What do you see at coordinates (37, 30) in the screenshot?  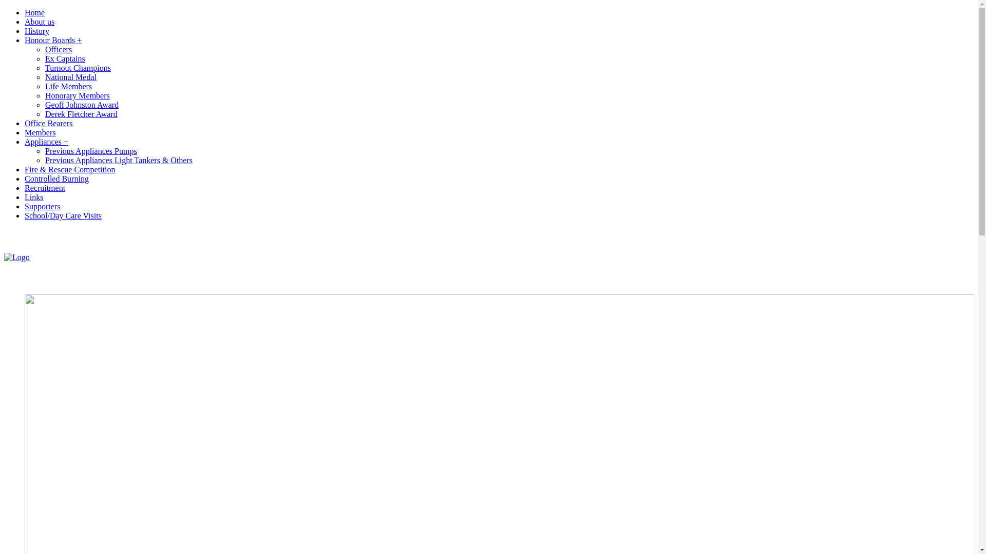 I see `'History'` at bounding box center [37, 30].